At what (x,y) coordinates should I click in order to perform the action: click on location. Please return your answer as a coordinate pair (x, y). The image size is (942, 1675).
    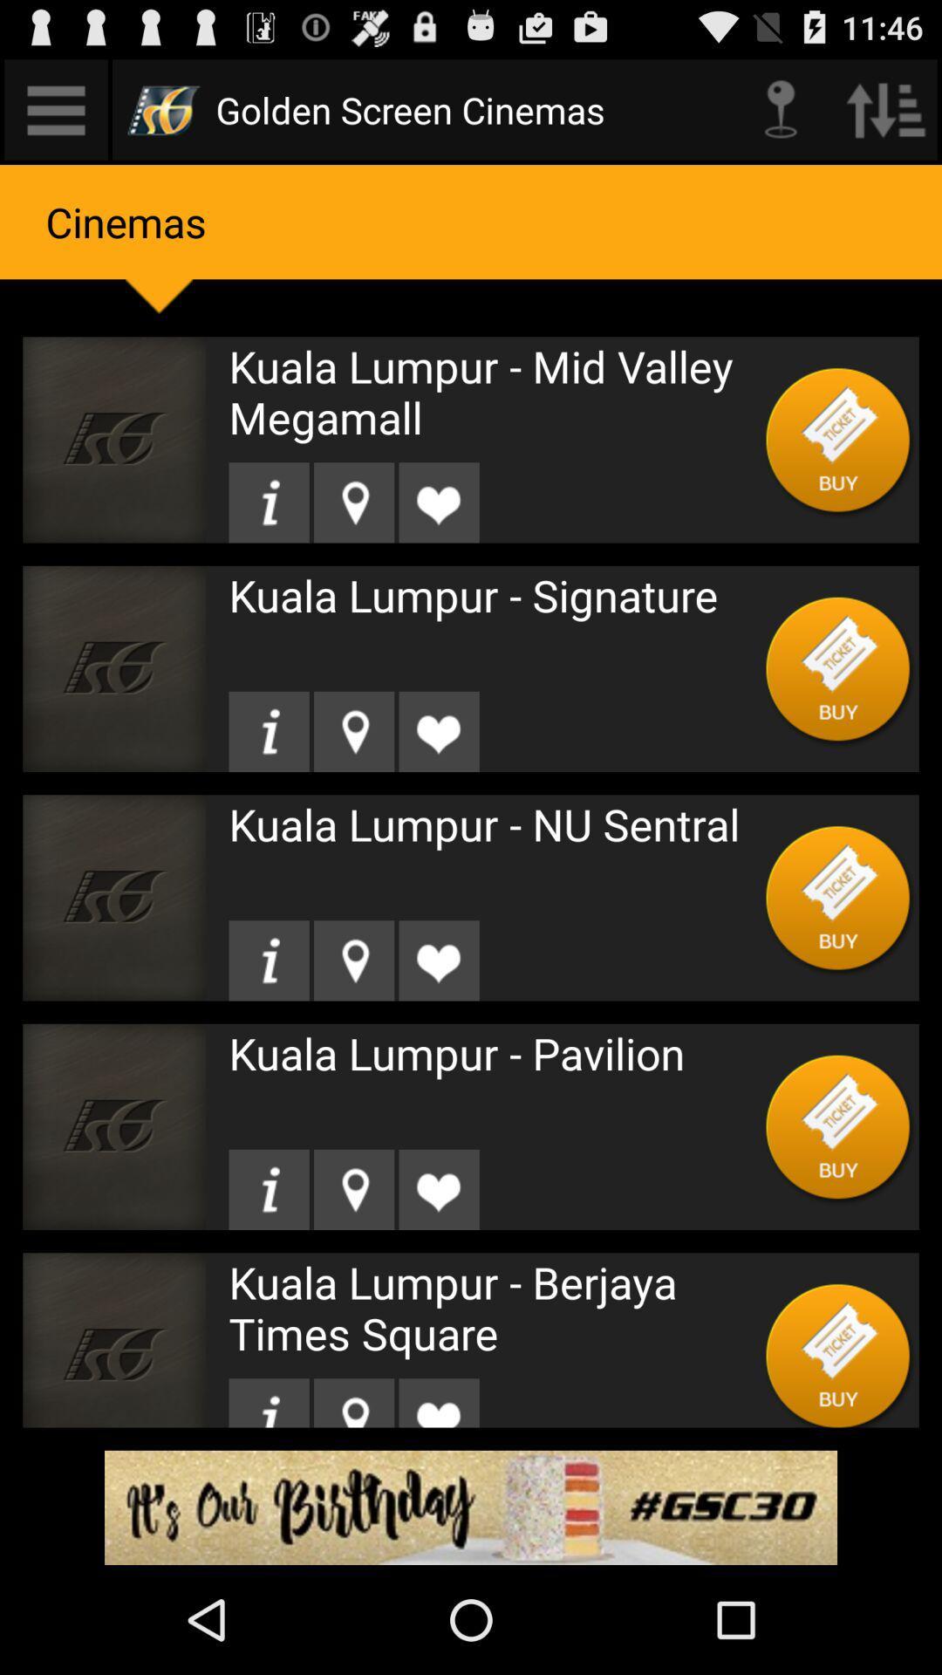
    Looking at the image, I should click on (353, 960).